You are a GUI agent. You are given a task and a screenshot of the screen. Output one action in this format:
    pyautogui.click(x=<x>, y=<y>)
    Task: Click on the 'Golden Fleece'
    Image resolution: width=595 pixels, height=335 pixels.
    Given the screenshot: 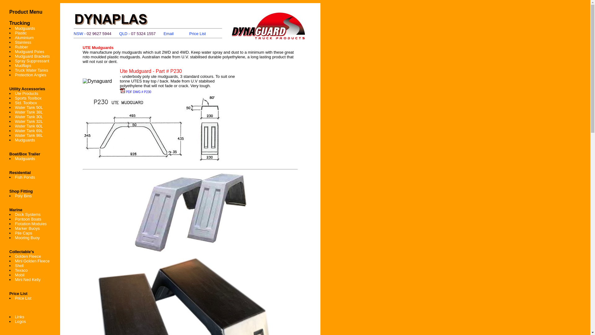 What is the action you would take?
    pyautogui.click(x=28, y=256)
    